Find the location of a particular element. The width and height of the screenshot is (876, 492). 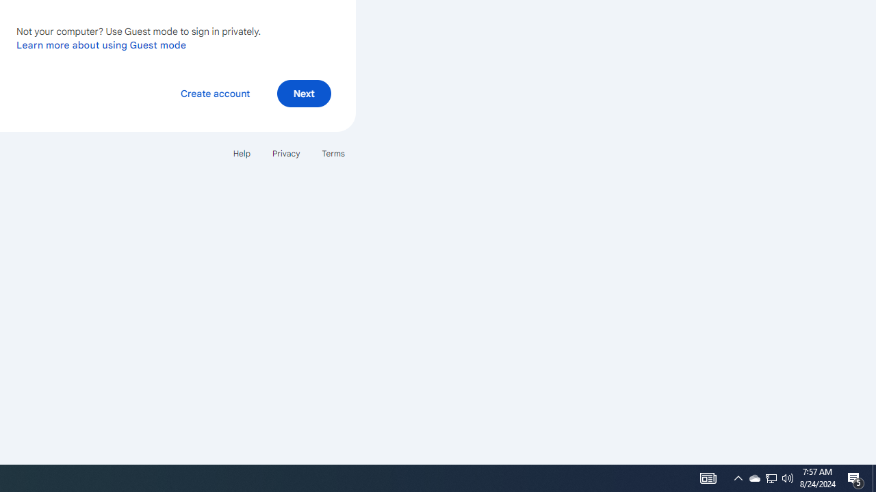

'Next' is located at coordinates (303, 92).